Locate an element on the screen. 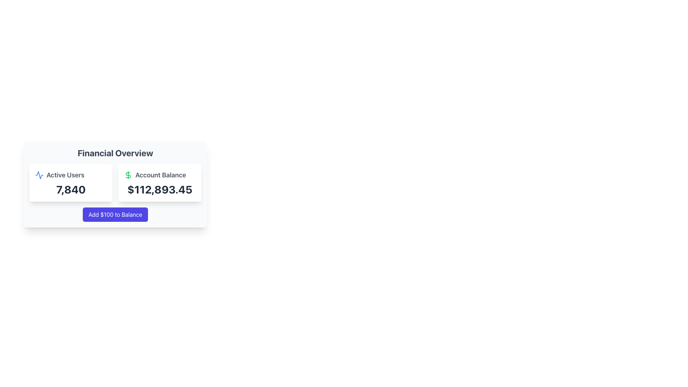  the dollar-sign icon with a green stroke located to the left of the 'Account Balance' text under the 'Financial Overview' heading is located at coordinates (128, 175).